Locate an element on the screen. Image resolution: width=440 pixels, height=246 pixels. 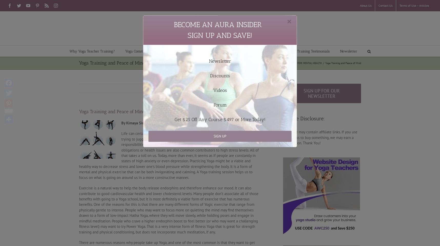
'Videos' is located at coordinates (220, 90).